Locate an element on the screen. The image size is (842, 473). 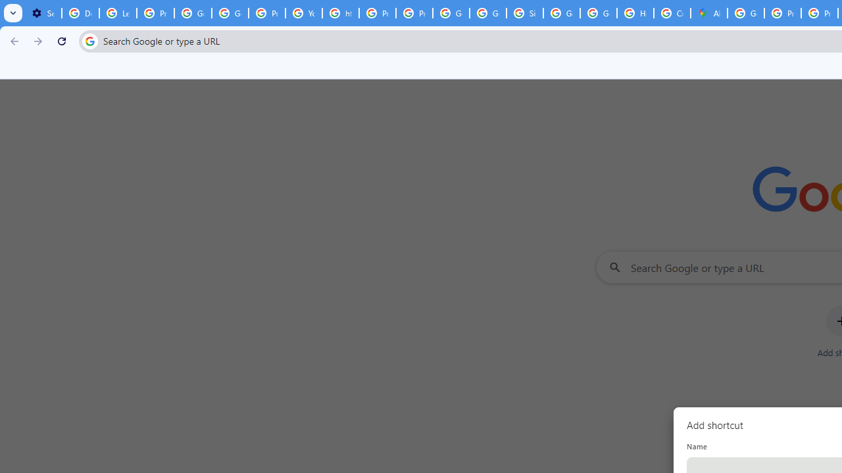
'Privacy Help Center - Policies Help' is located at coordinates (377, 13).